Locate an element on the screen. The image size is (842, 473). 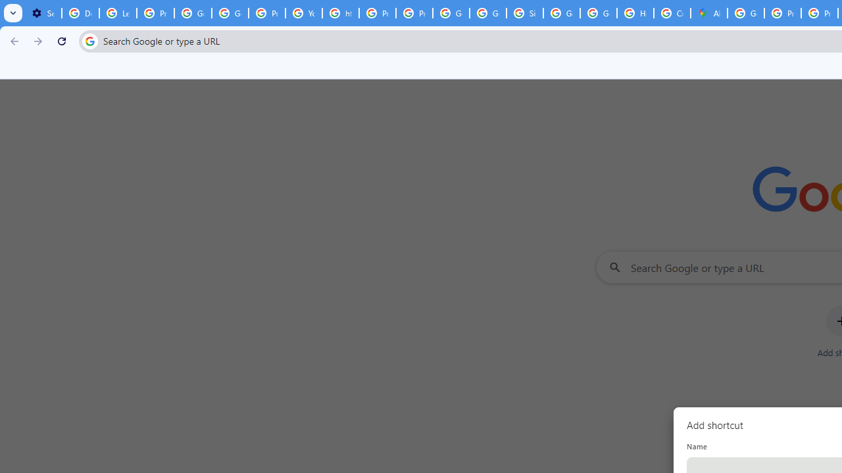
'Privacy Help Center - Policies Help' is located at coordinates (377, 13).